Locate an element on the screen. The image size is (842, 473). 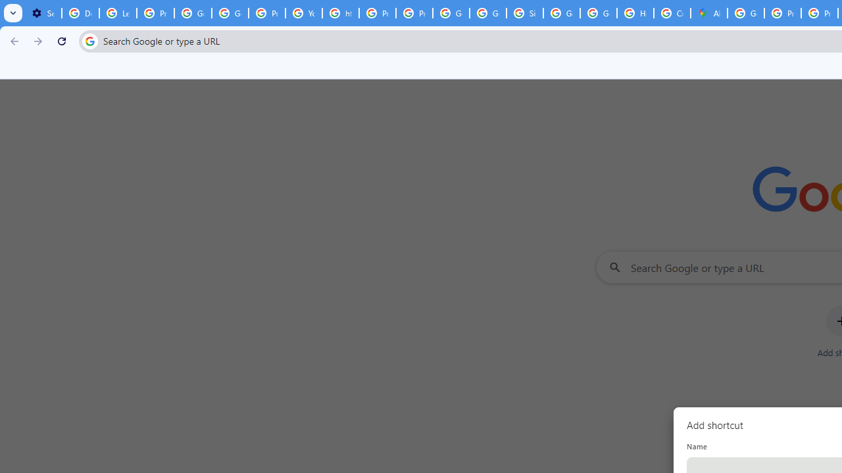
'Privacy Help Center - Policies Help' is located at coordinates (377, 13).